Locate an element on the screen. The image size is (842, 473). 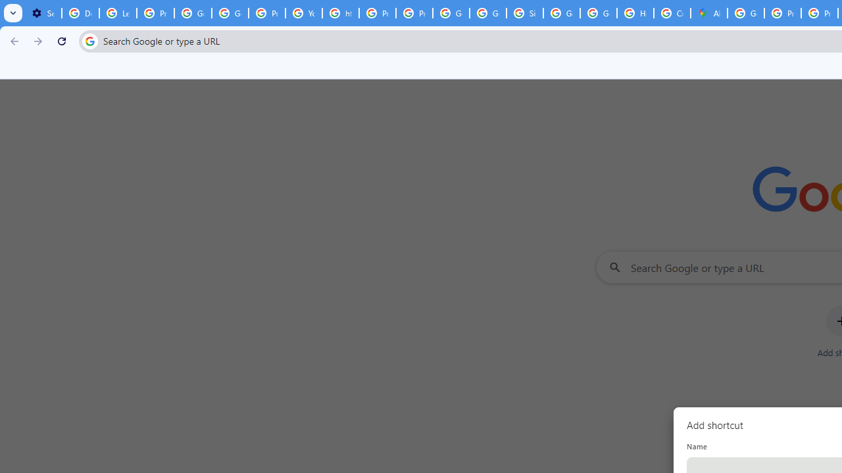
'Privacy Help Center - Policies Help' is located at coordinates (377, 13).